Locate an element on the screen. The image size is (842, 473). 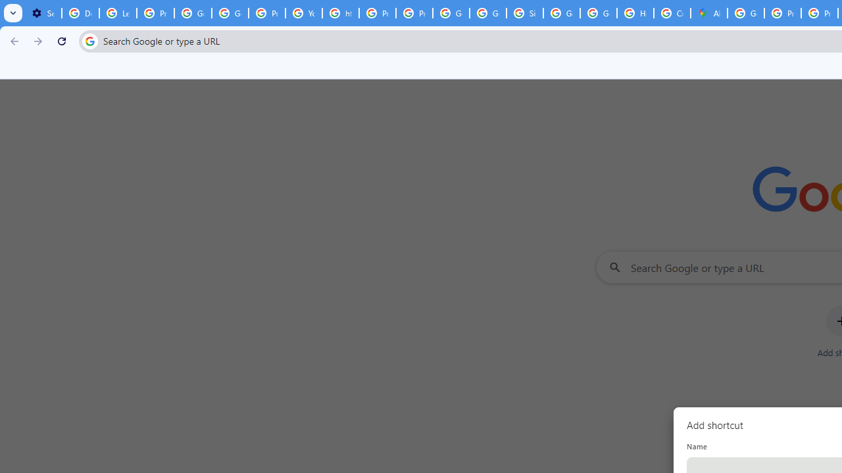
'Privacy Help Center - Policies Help' is located at coordinates (377, 13).